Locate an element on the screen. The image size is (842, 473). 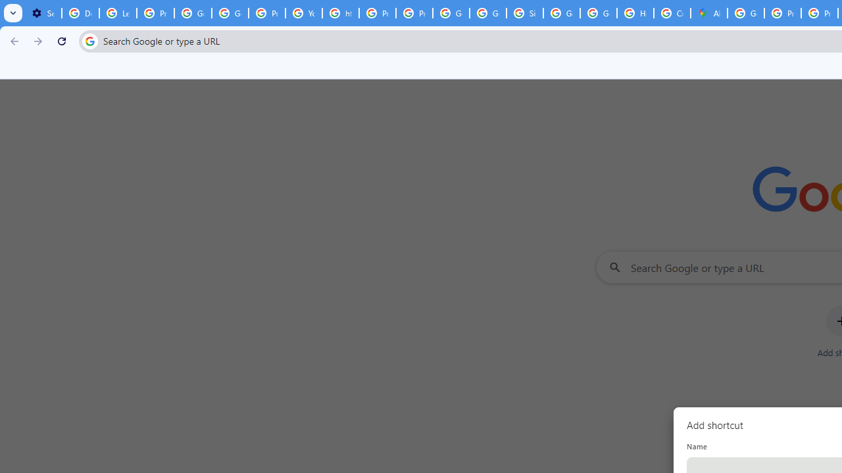
'Privacy Help Center - Policies Help' is located at coordinates (377, 13).